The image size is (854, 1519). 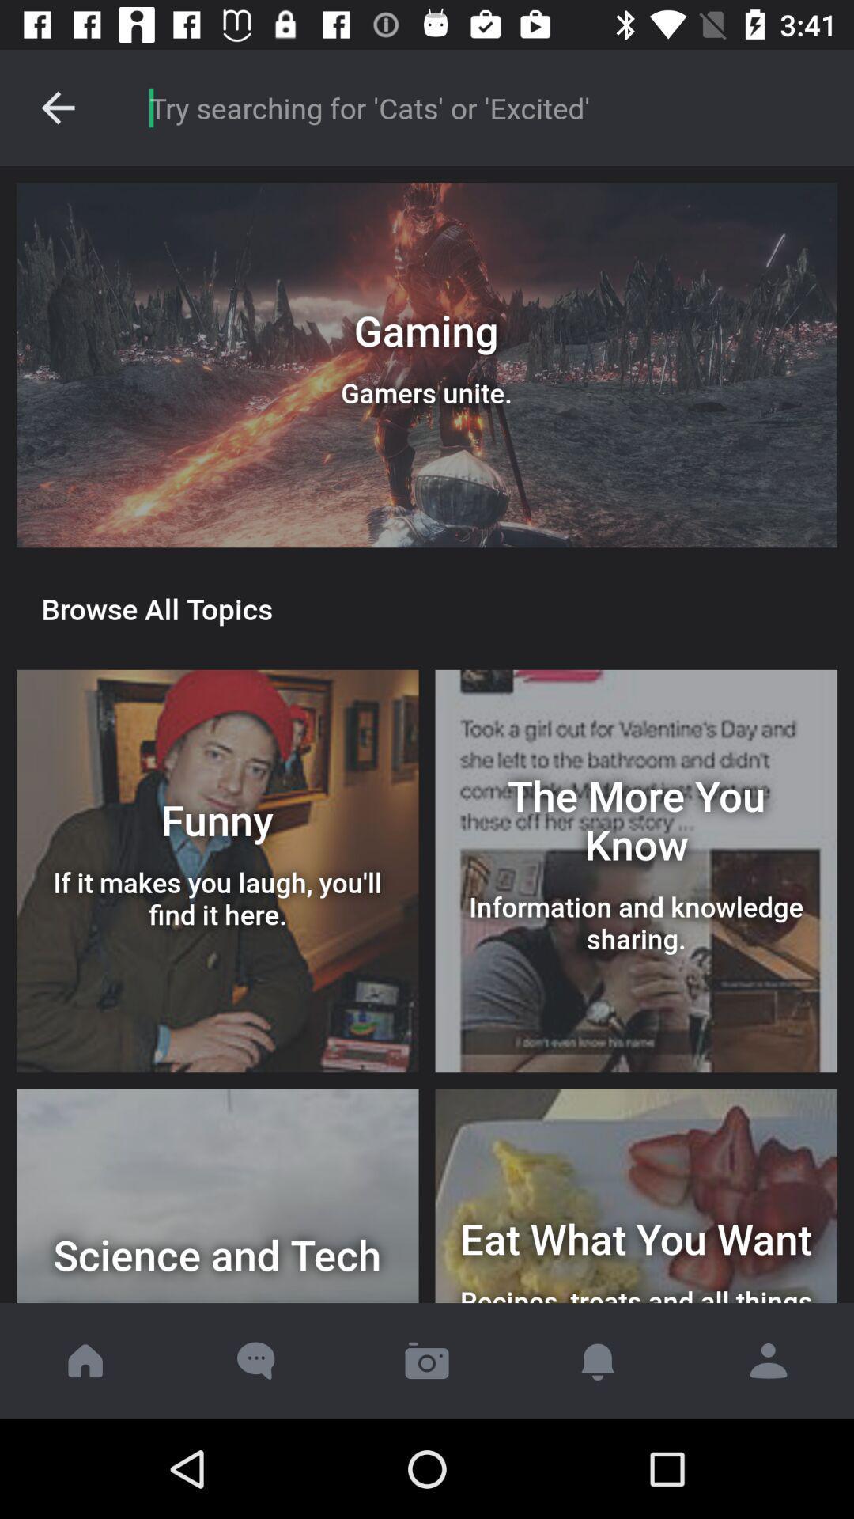 What do you see at coordinates (427, 1360) in the screenshot?
I see `the button is used to start the camera` at bounding box center [427, 1360].